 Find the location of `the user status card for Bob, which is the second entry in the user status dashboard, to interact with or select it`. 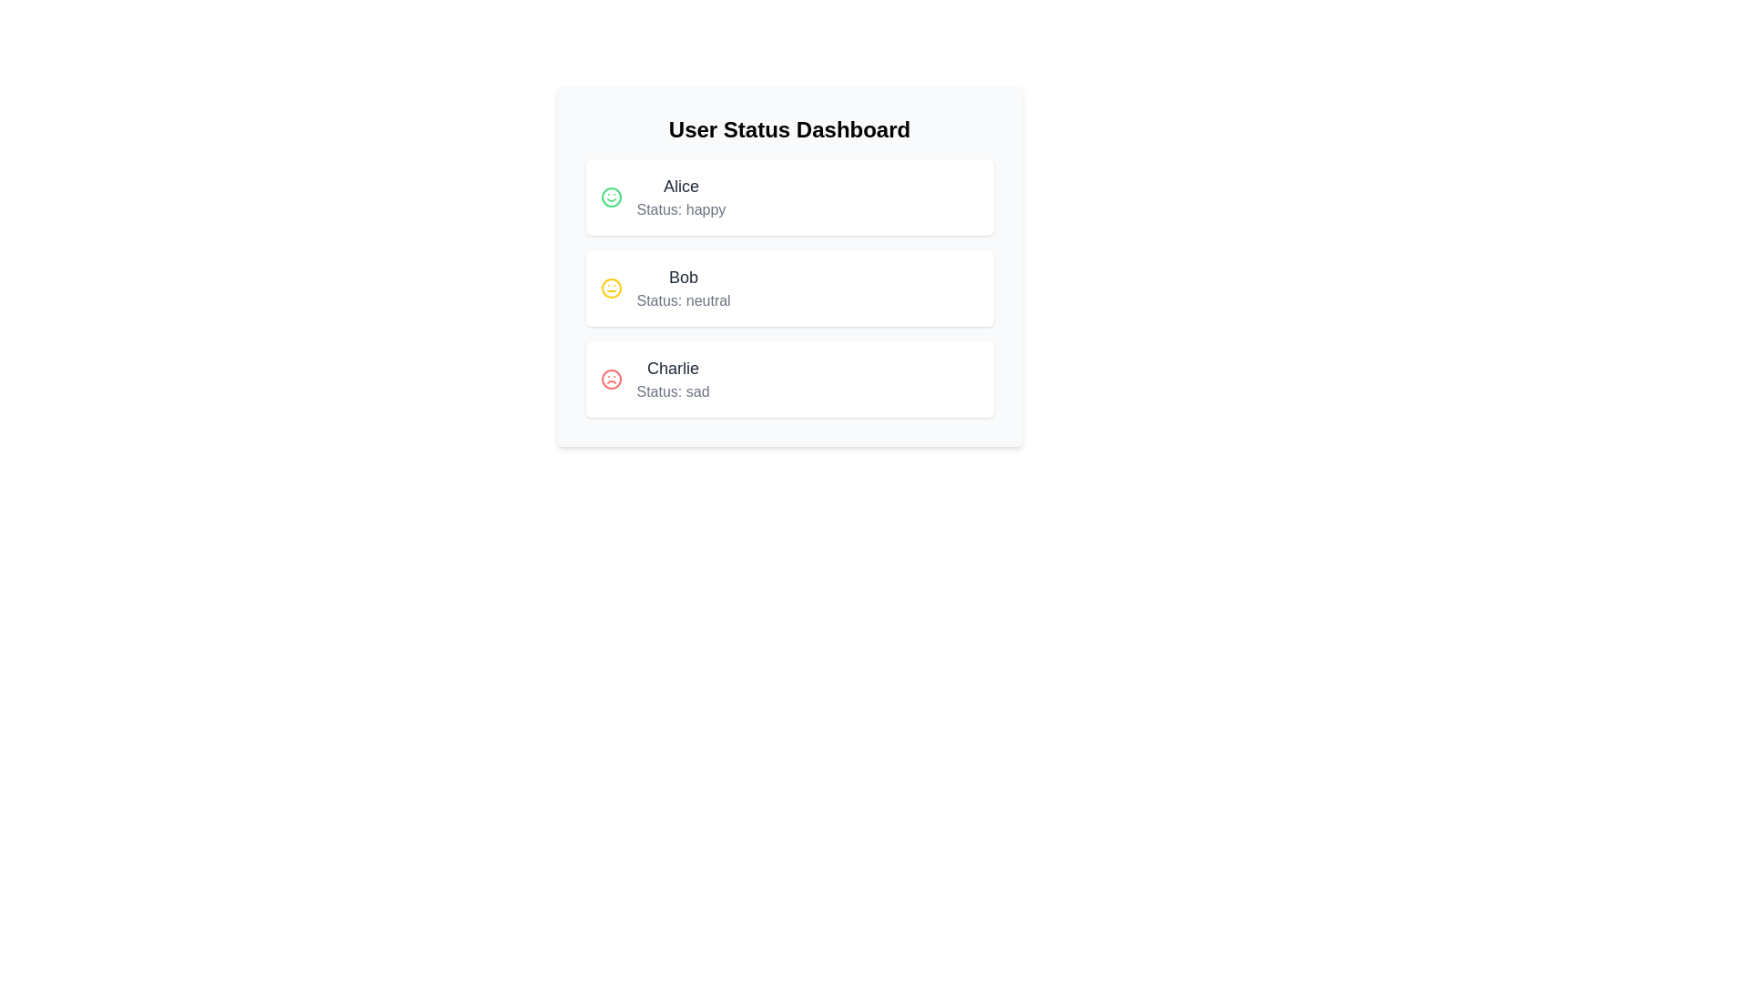

the user status card for Bob, which is the second entry in the user status dashboard, to interact with or select it is located at coordinates (789, 267).